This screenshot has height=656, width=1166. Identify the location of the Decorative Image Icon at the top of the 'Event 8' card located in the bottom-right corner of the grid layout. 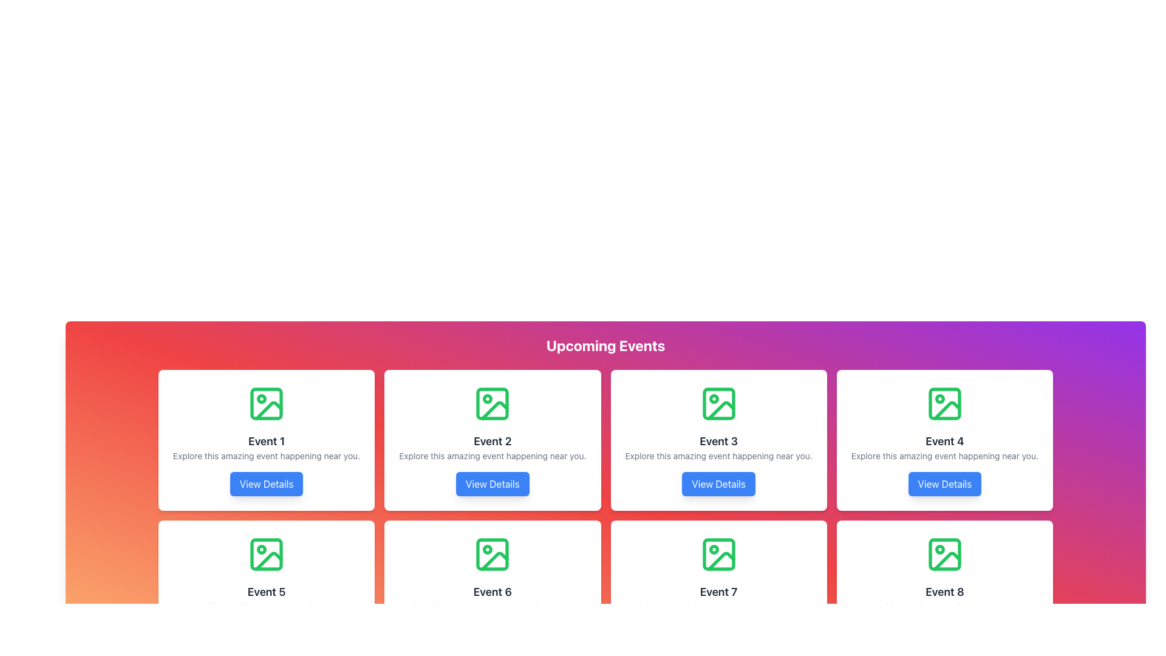
(944, 555).